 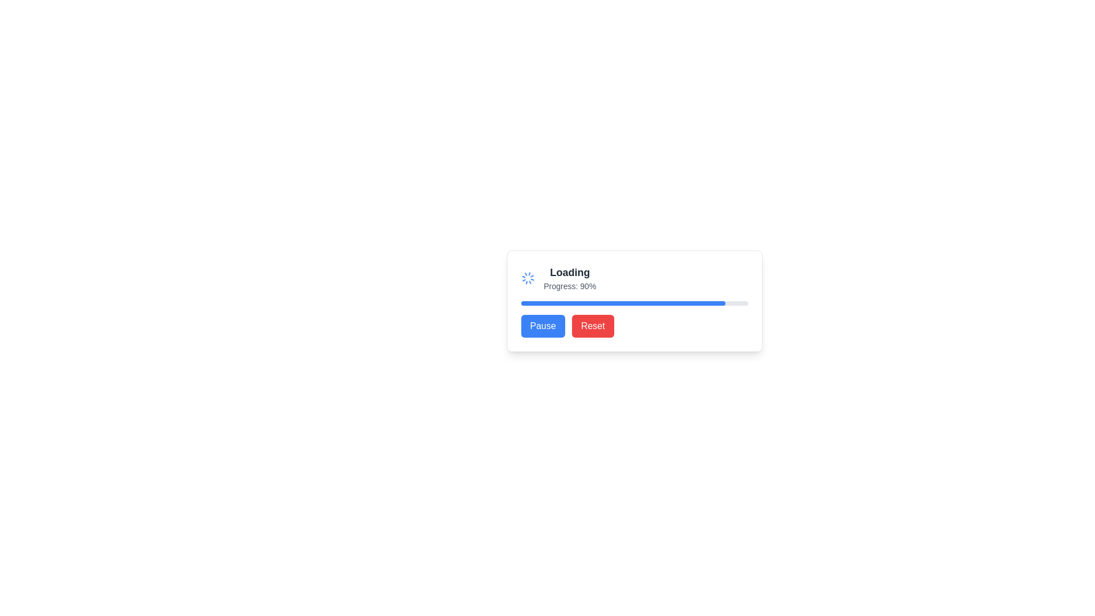 What do you see at coordinates (593, 326) in the screenshot?
I see `the 'Reset' button, which is a rectangular button with rounded corners, red background, and white text, located to the right of the 'Pause' button` at bounding box center [593, 326].